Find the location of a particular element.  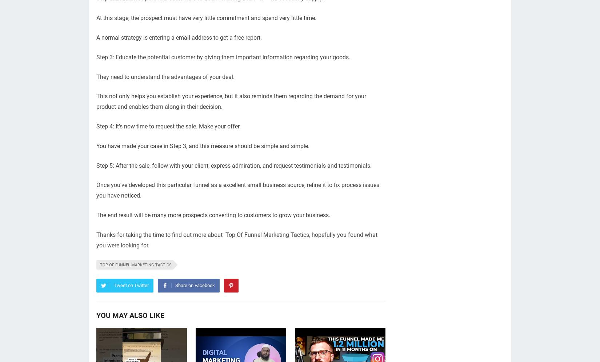

'Step 4: It’s now time to request the sale. Make your offer.' is located at coordinates (168, 126).